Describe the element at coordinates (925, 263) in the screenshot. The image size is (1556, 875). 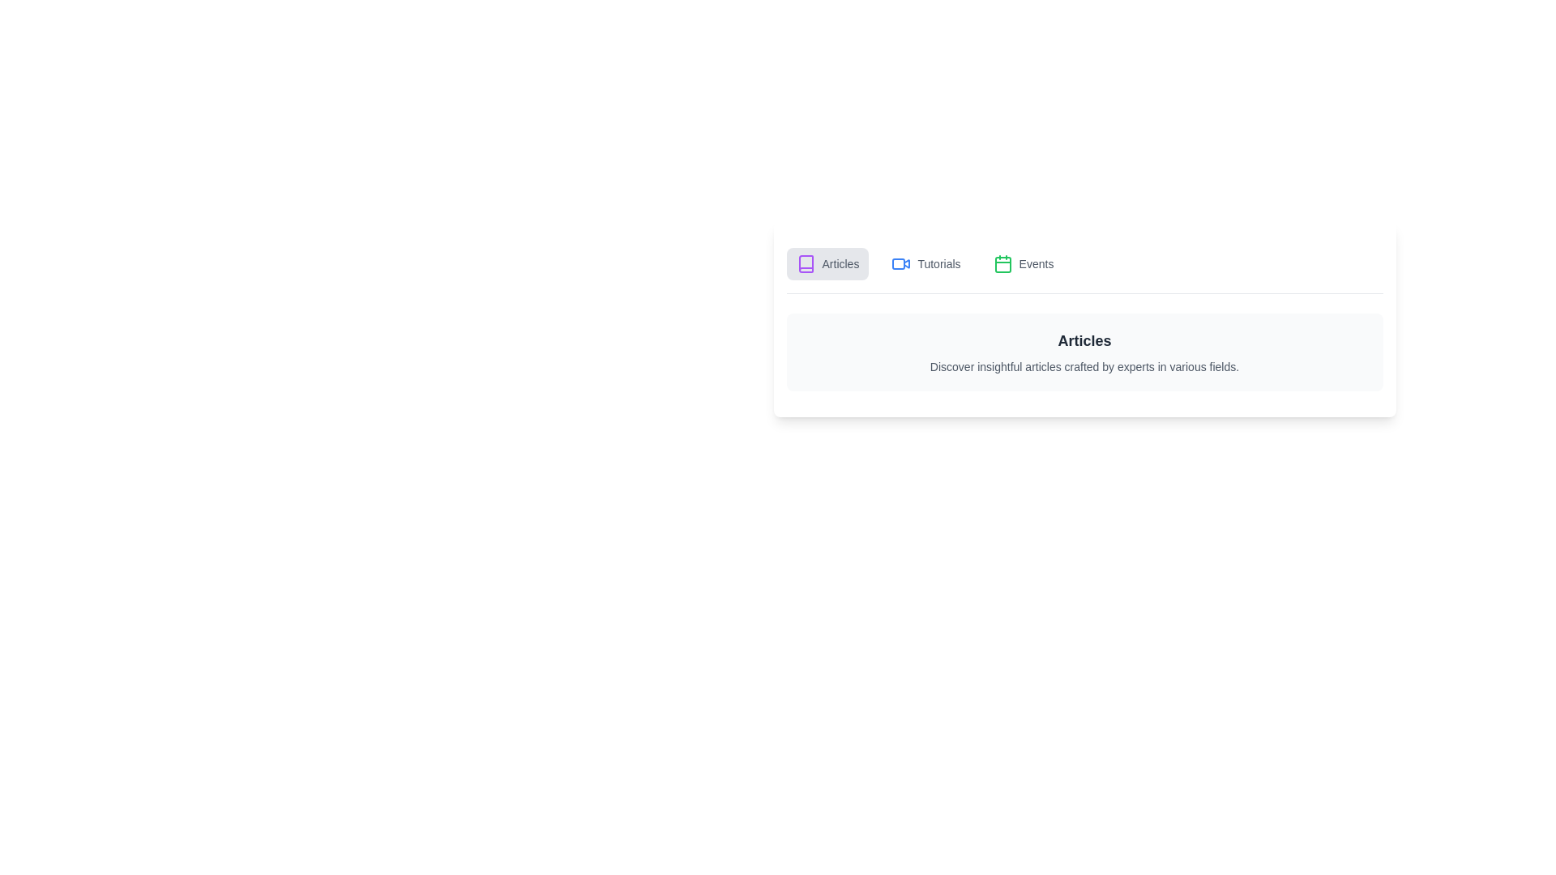
I see `the Tutorials tab to view its content` at that location.